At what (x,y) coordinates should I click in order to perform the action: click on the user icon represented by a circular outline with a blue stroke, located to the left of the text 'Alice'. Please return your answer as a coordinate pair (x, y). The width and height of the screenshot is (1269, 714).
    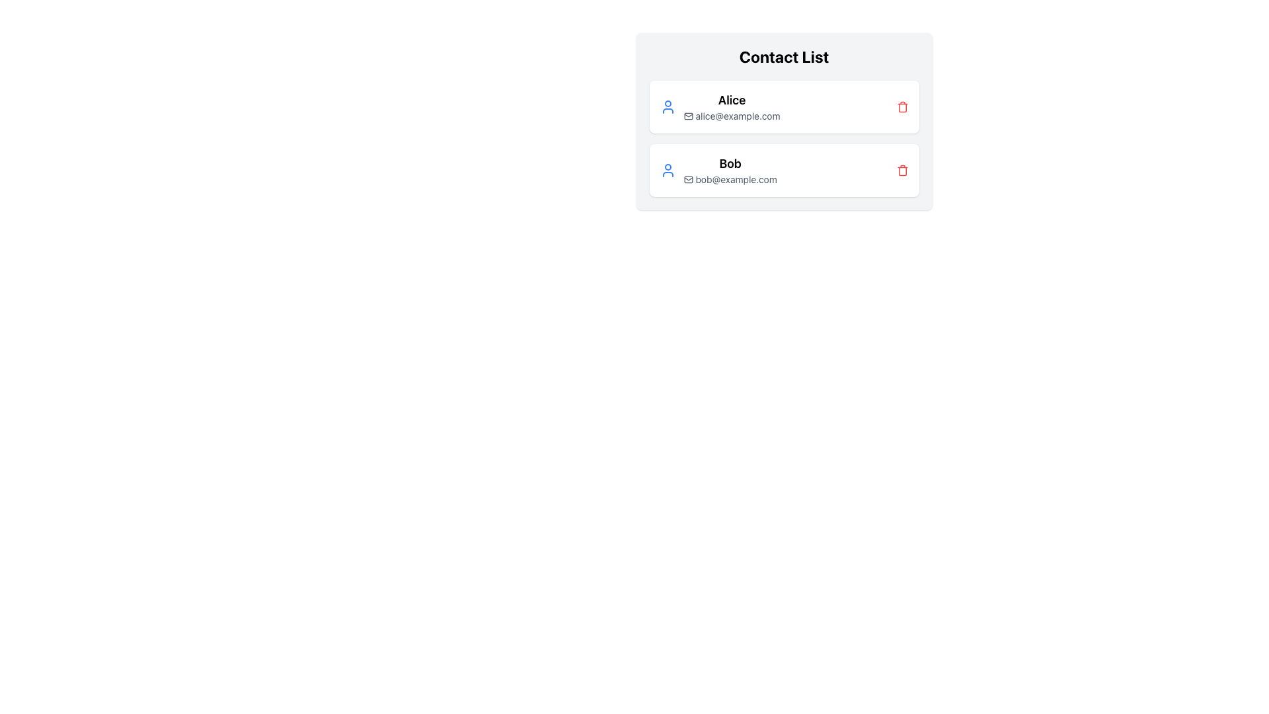
    Looking at the image, I should click on (668, 106).